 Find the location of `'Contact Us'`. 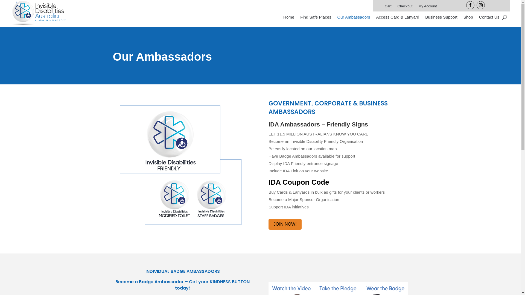

'Contact Us' is located at coordinates (489, 18).